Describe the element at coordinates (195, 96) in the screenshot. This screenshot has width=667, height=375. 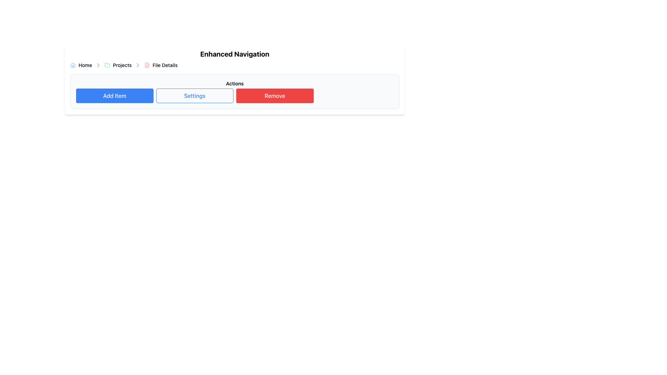
I see `the settings button located centrally between the 'Add Item' button and the 'Remove' button` at that location.